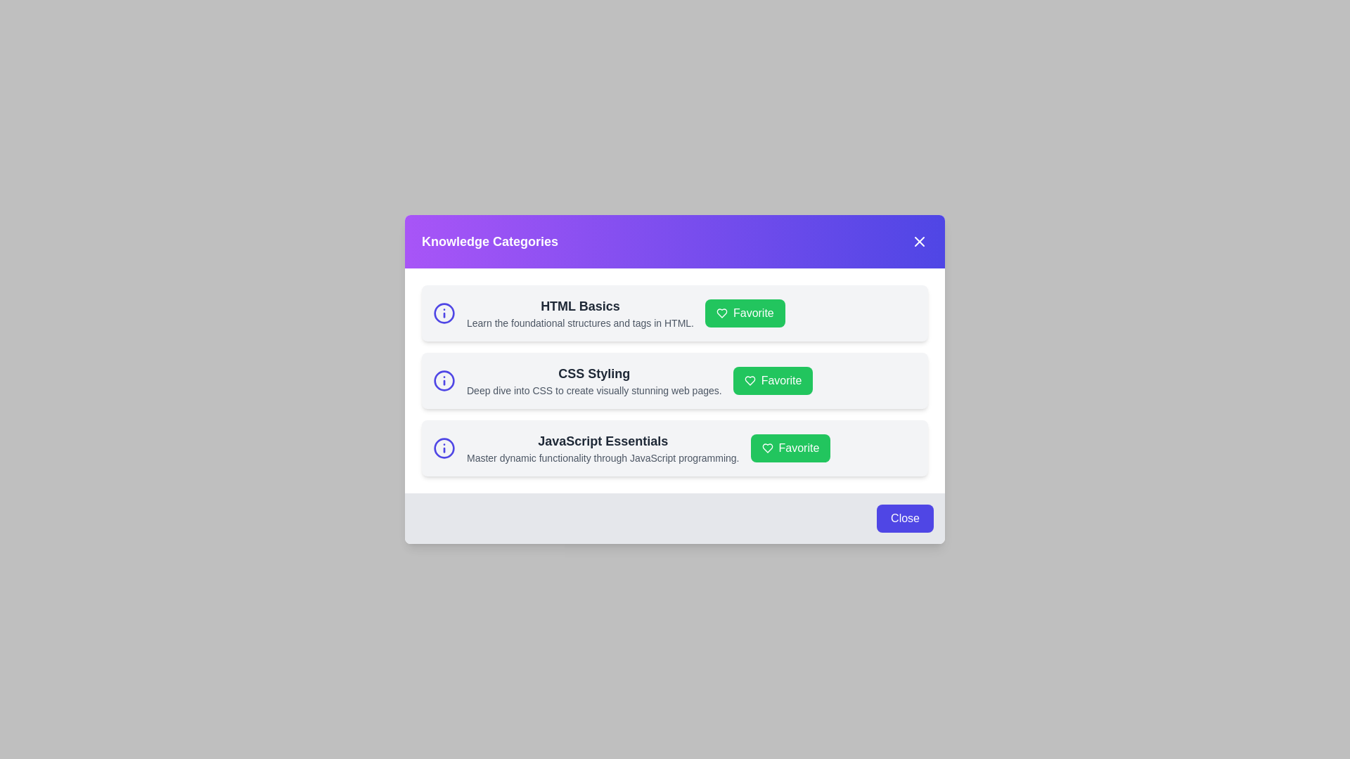 This screenshot has width=1350, height=759. I want to click on the green 'Favorite' button with a heart icon to mark the item as favorite, so click(790, 448).